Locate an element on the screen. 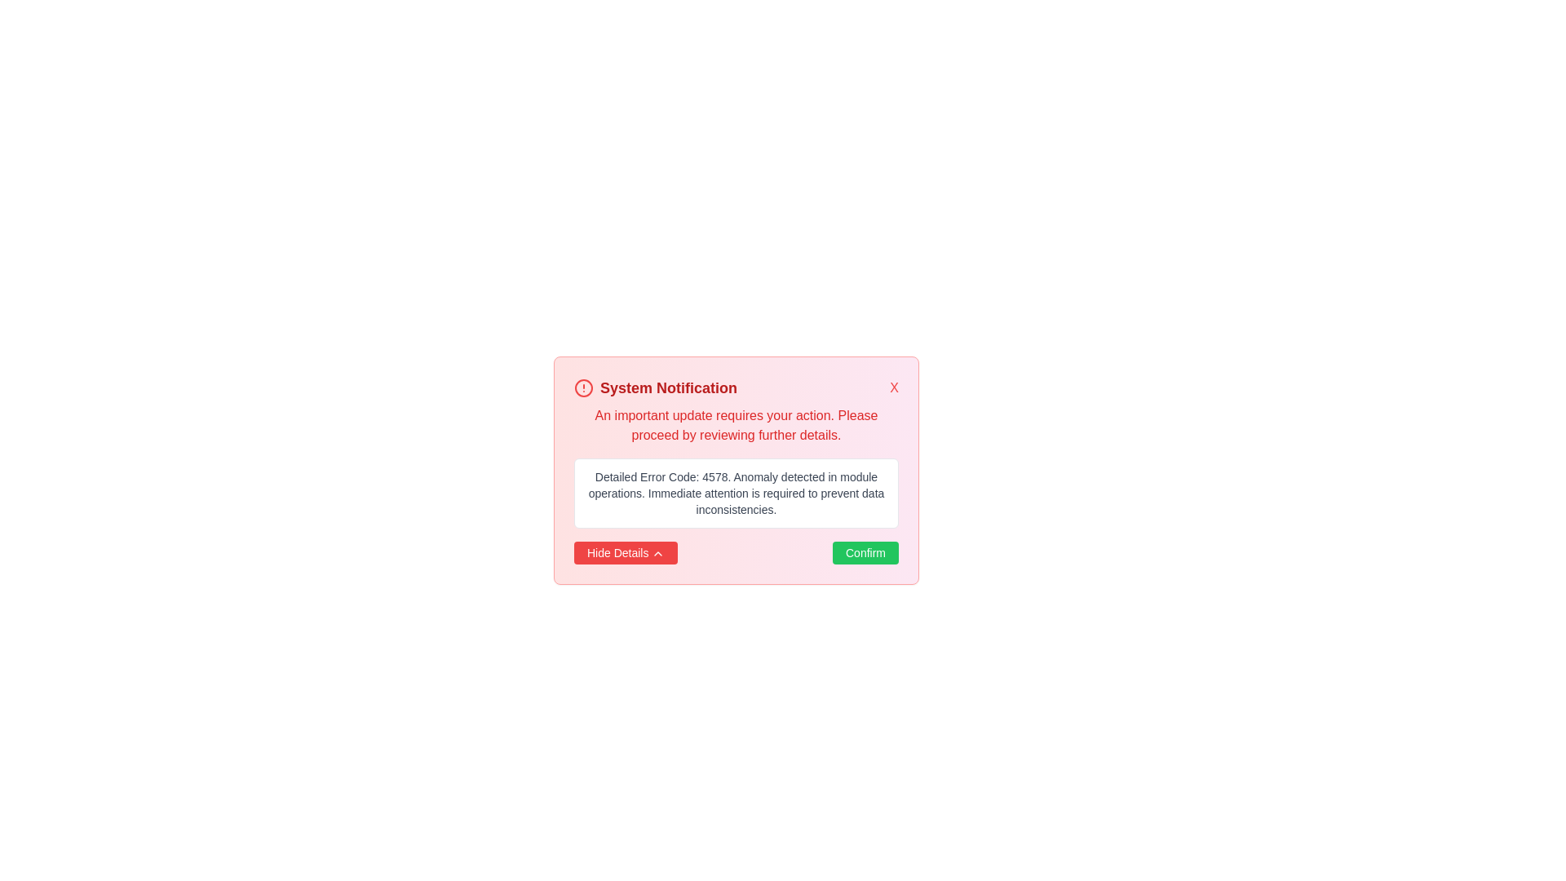 The image size is (1566, 881). the Hide Details button is located at coordinates (625, 552).